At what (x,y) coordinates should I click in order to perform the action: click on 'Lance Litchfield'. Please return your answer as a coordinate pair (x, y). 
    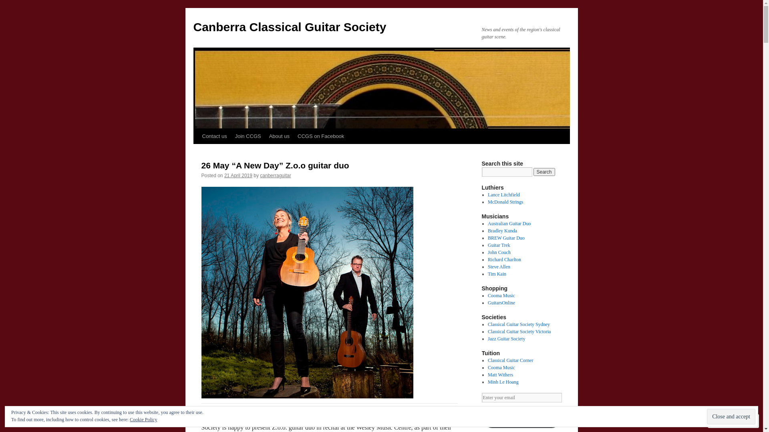
    Looking at the image, I should click on (503, 194).